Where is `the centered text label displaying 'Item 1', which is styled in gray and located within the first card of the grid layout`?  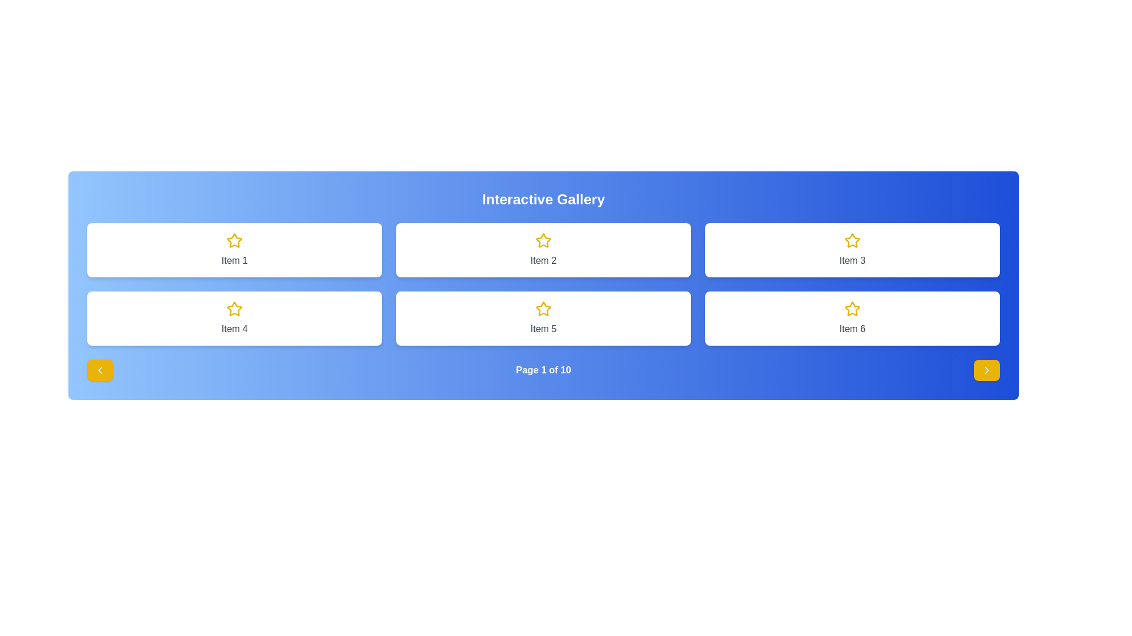
the centered text label displaying 'Item 1', which is styled in gray and located within the first card of the grid layout is located at coordinates (235, 260).